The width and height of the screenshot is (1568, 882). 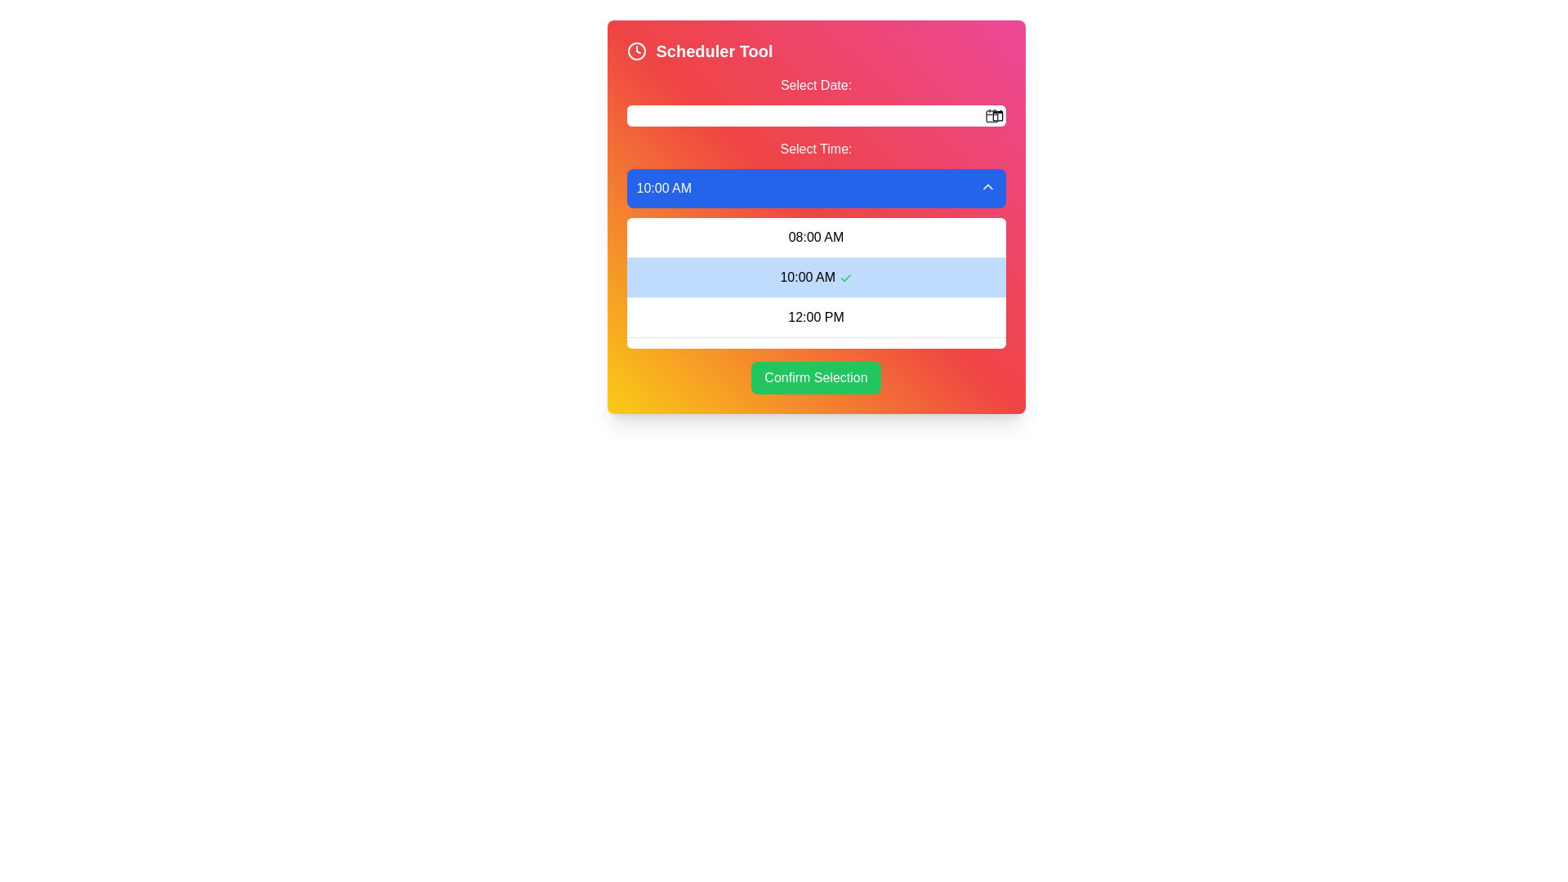 I want to click on Circular SVG graphical element that forms the outer ring of the clock icon in the 'Scheduler Tool' interface, located at the top-left corner next to the text 'Scheduler Tool', so click(x=635, y=50).